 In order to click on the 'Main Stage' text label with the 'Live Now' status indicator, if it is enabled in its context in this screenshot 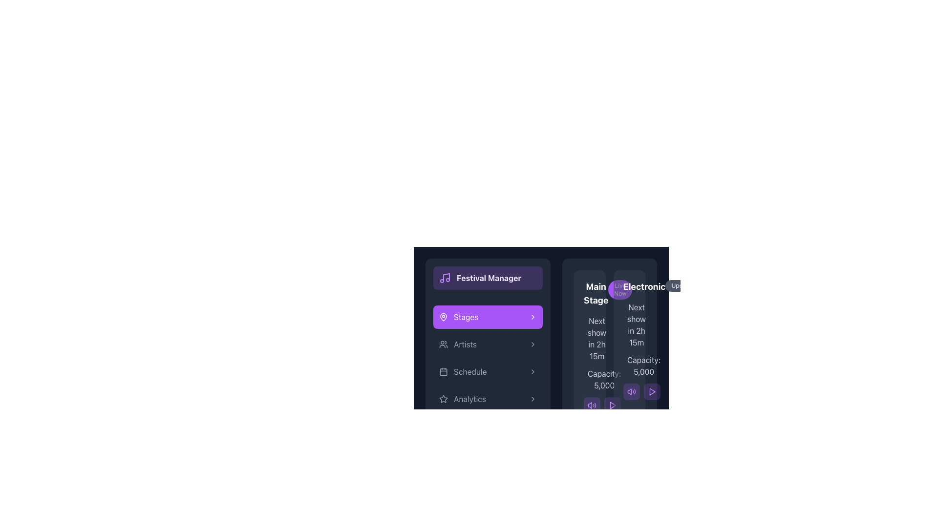, I will do `click(589, 293)`.